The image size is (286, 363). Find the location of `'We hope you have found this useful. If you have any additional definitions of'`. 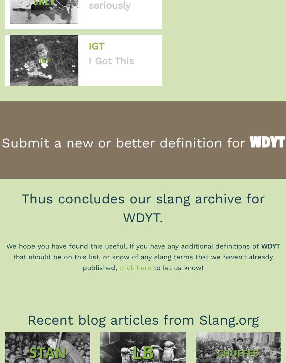

'We hope you have found this useful. If you have any additional definitions of' is located at coordinates (6, 245).